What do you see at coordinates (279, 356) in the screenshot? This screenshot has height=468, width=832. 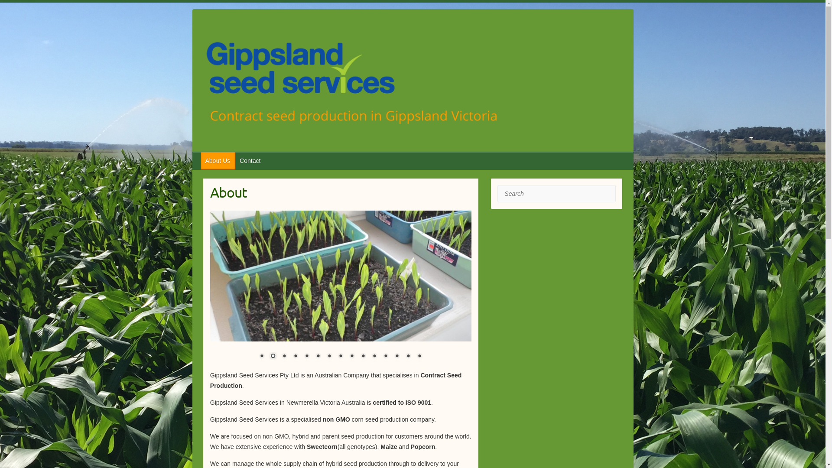 I see `'3'` at bounding box center [279, 356].